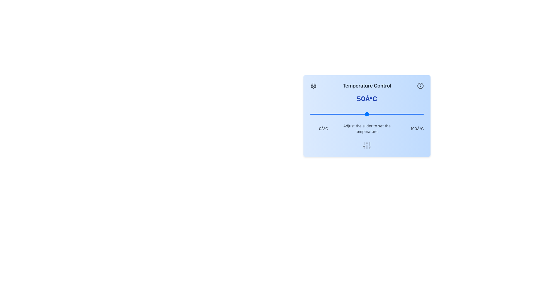  What do you see at coordinates (411, 114) in the screenshot?
I see `temperature` at bounding box center [411, 114].